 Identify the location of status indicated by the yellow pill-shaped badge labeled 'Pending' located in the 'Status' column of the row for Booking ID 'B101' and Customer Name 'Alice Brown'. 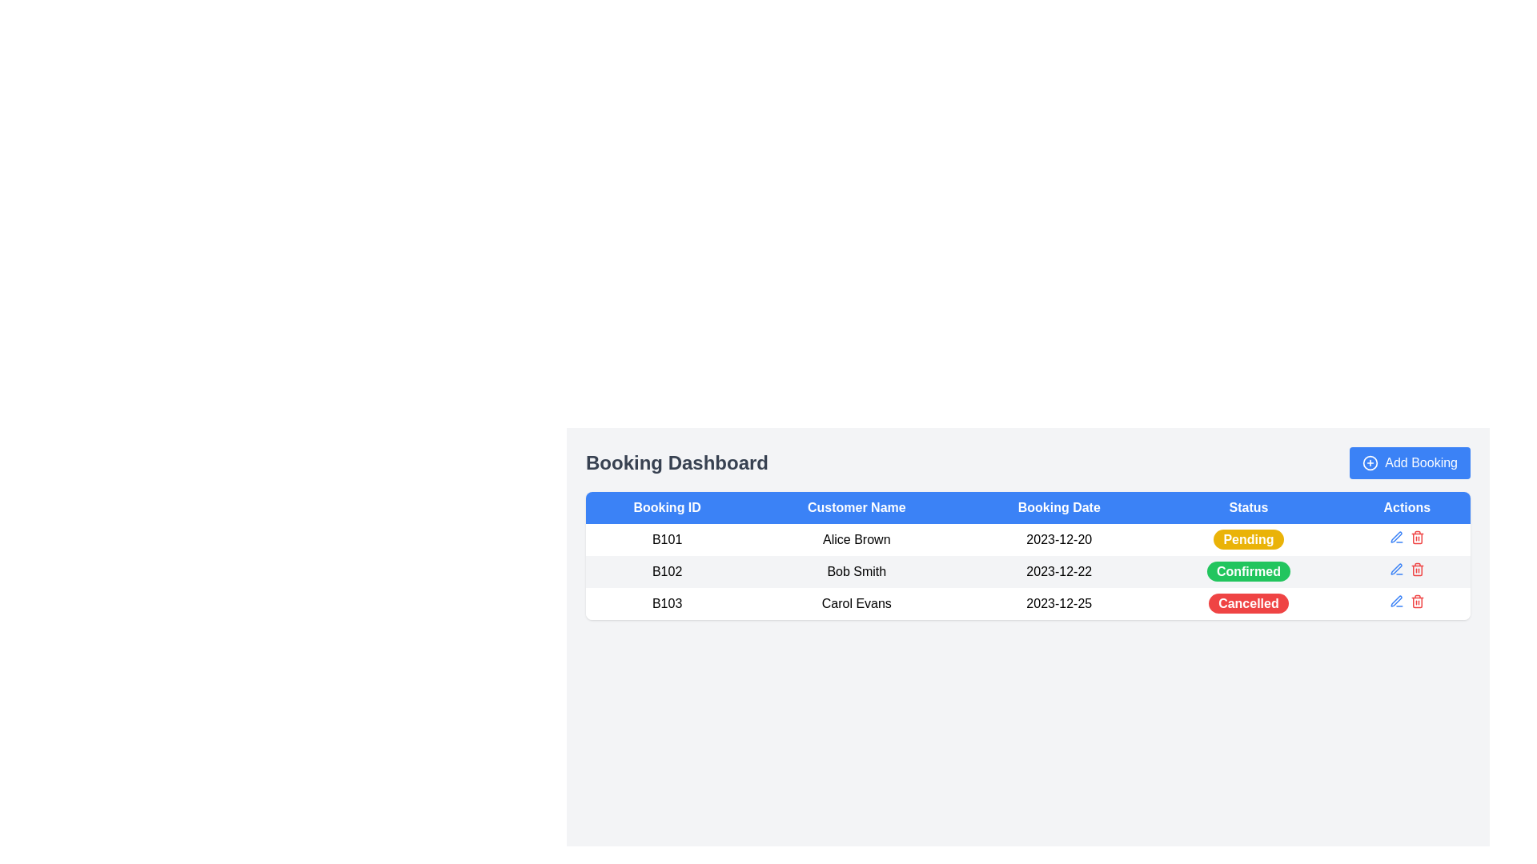
(1248, 539).